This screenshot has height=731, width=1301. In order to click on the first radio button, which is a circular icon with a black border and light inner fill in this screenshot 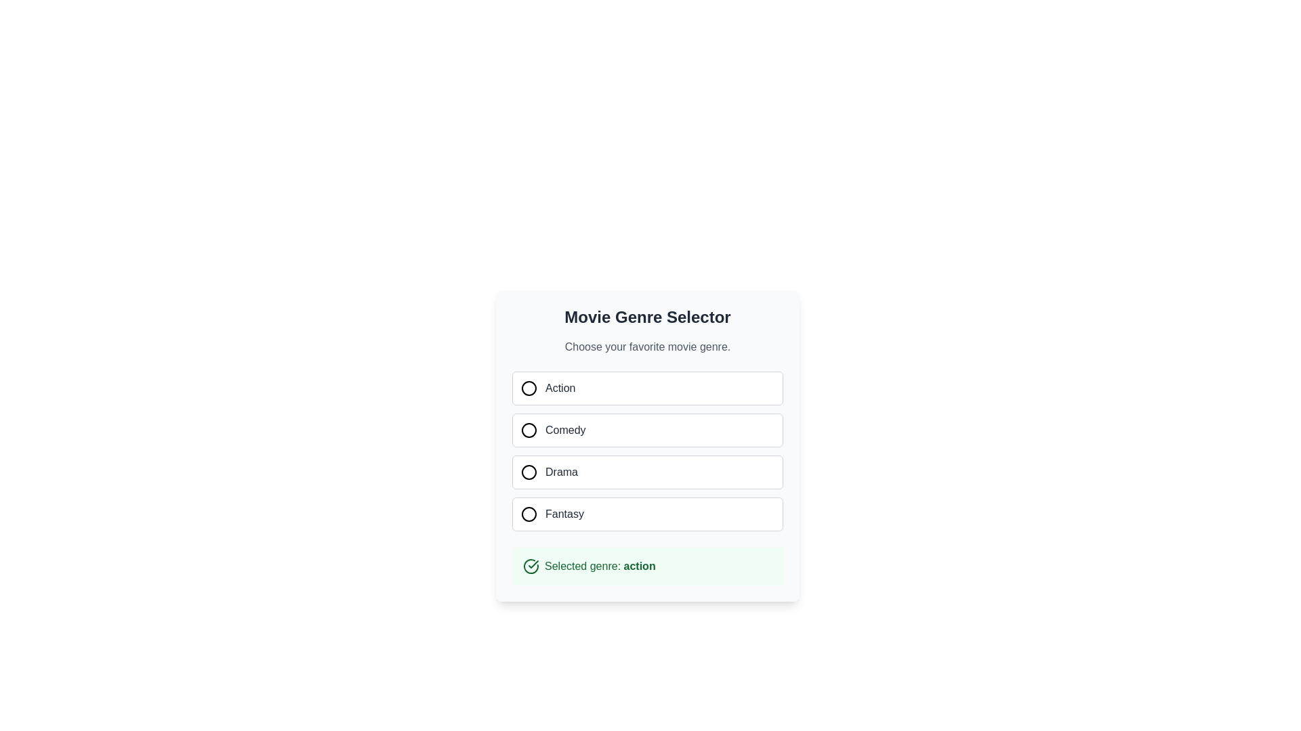, I will do `click(529, 389)`.